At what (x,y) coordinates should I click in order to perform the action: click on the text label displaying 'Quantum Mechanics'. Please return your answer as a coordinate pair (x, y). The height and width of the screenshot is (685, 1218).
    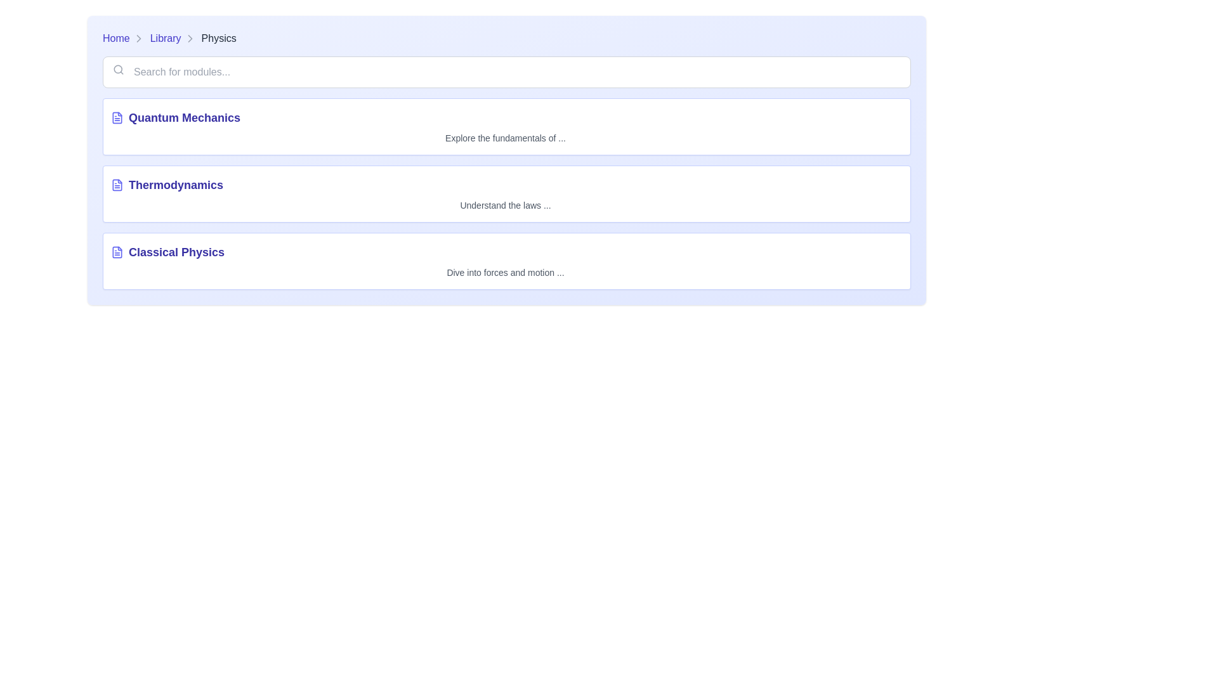
    Looking at the image, I should click on (184, 117).